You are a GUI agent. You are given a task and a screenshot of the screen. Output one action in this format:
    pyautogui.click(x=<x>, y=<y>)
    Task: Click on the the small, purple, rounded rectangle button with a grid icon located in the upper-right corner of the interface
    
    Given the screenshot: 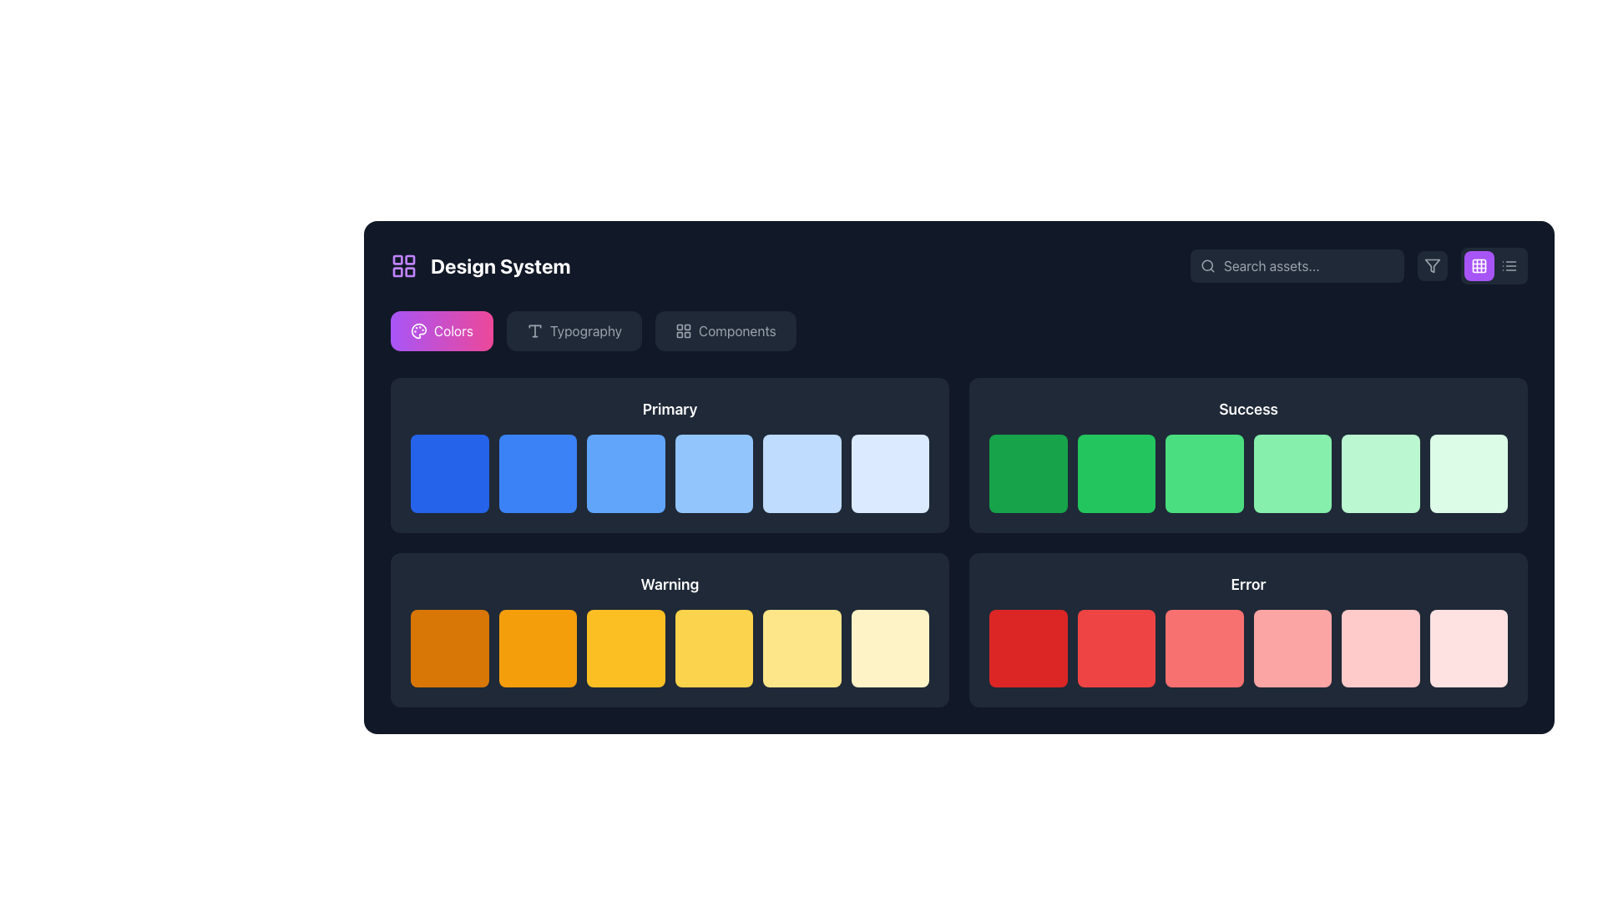 What is the action you would take?
    pyautogui.click(x=1479, y=265)
    